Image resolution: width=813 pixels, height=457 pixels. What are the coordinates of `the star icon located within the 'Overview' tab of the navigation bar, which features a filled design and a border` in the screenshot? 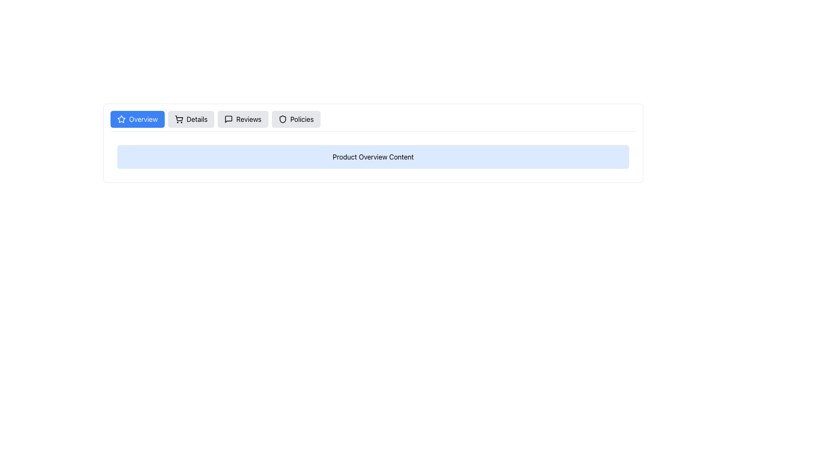 It's located at (121, 119).